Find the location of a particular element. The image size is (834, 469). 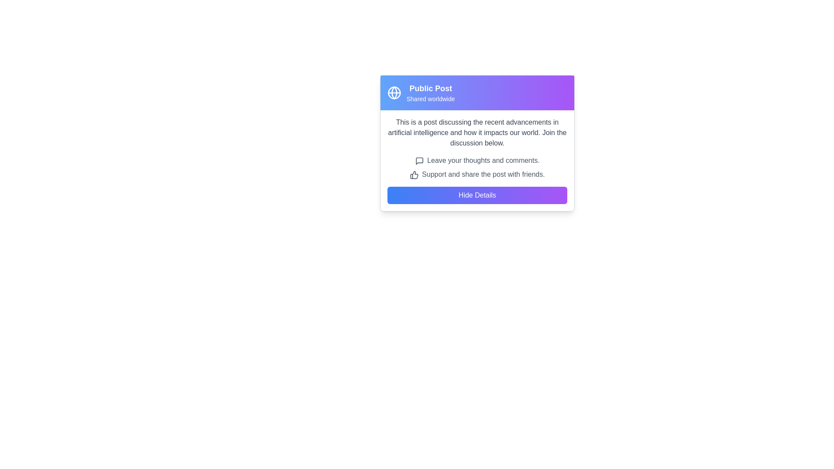

the circular globe icon component that is positioned to the left of the 'Public Post' text area is located at coordinates (394, 92).